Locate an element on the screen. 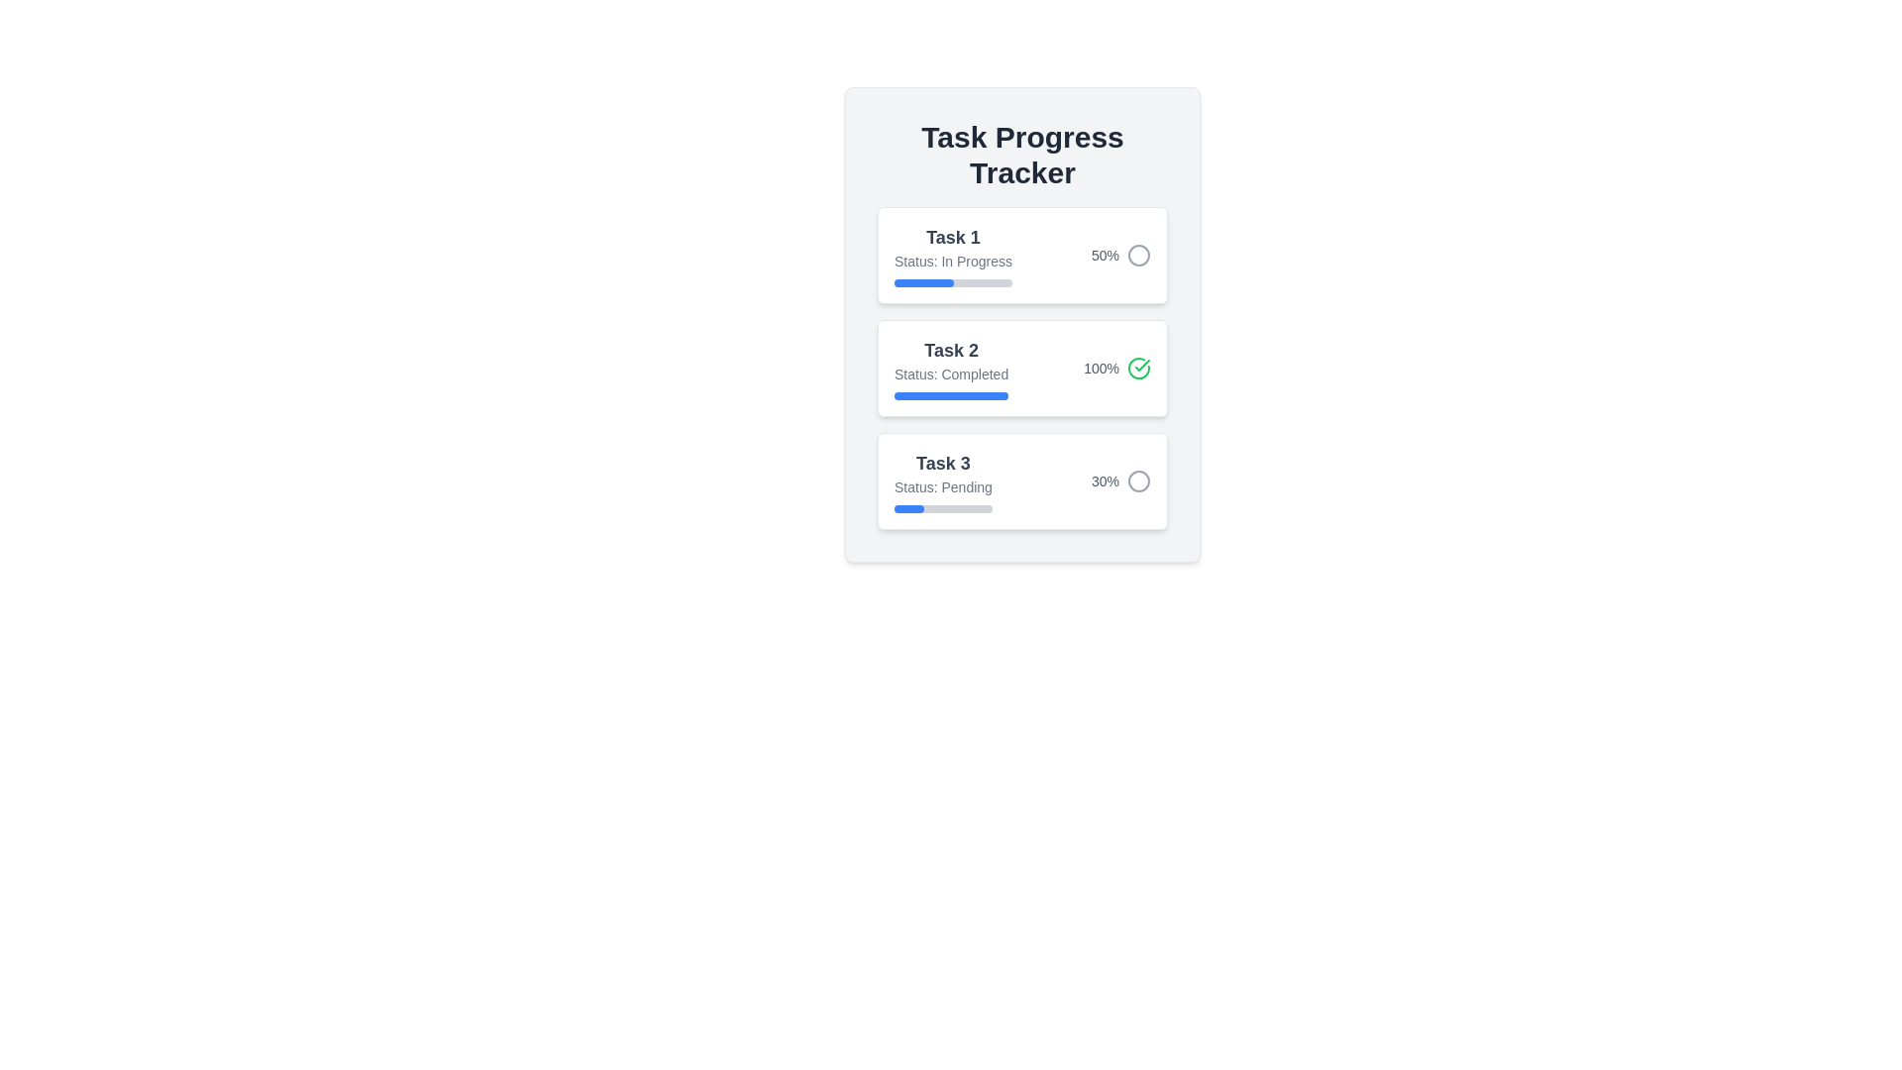 The height and width of the screenshot is (1070, 1902). the text label reading 'Task 2', styled with a bold font and dark gray color, located in the 'Task Progress Tracker' interface is located at coordinates (951, 350).